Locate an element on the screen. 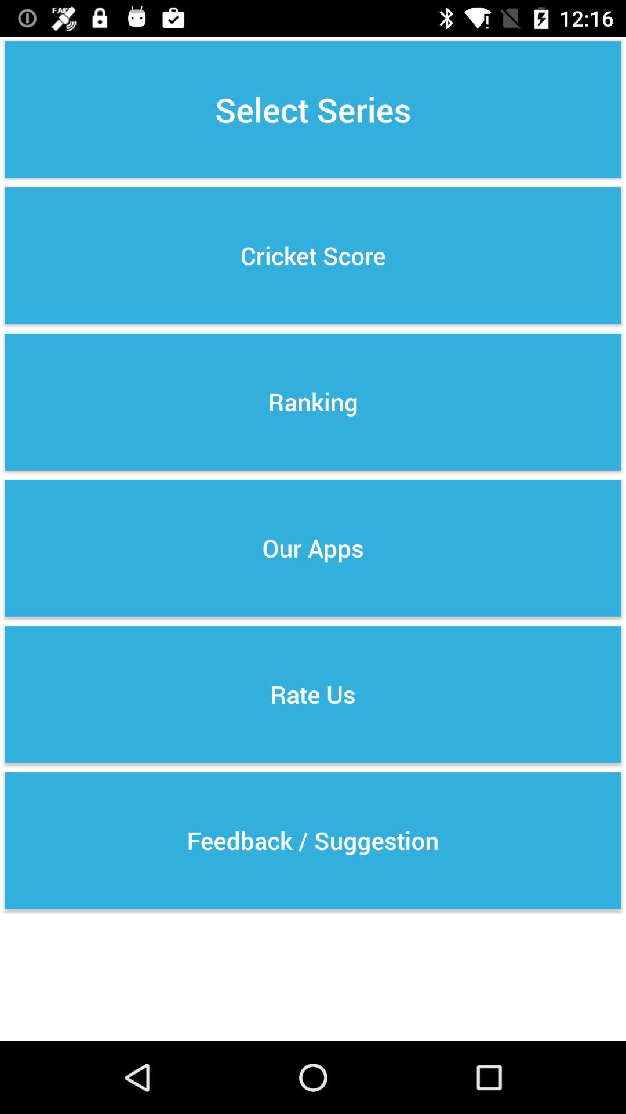  select series button is located at coordinates (313, 109).